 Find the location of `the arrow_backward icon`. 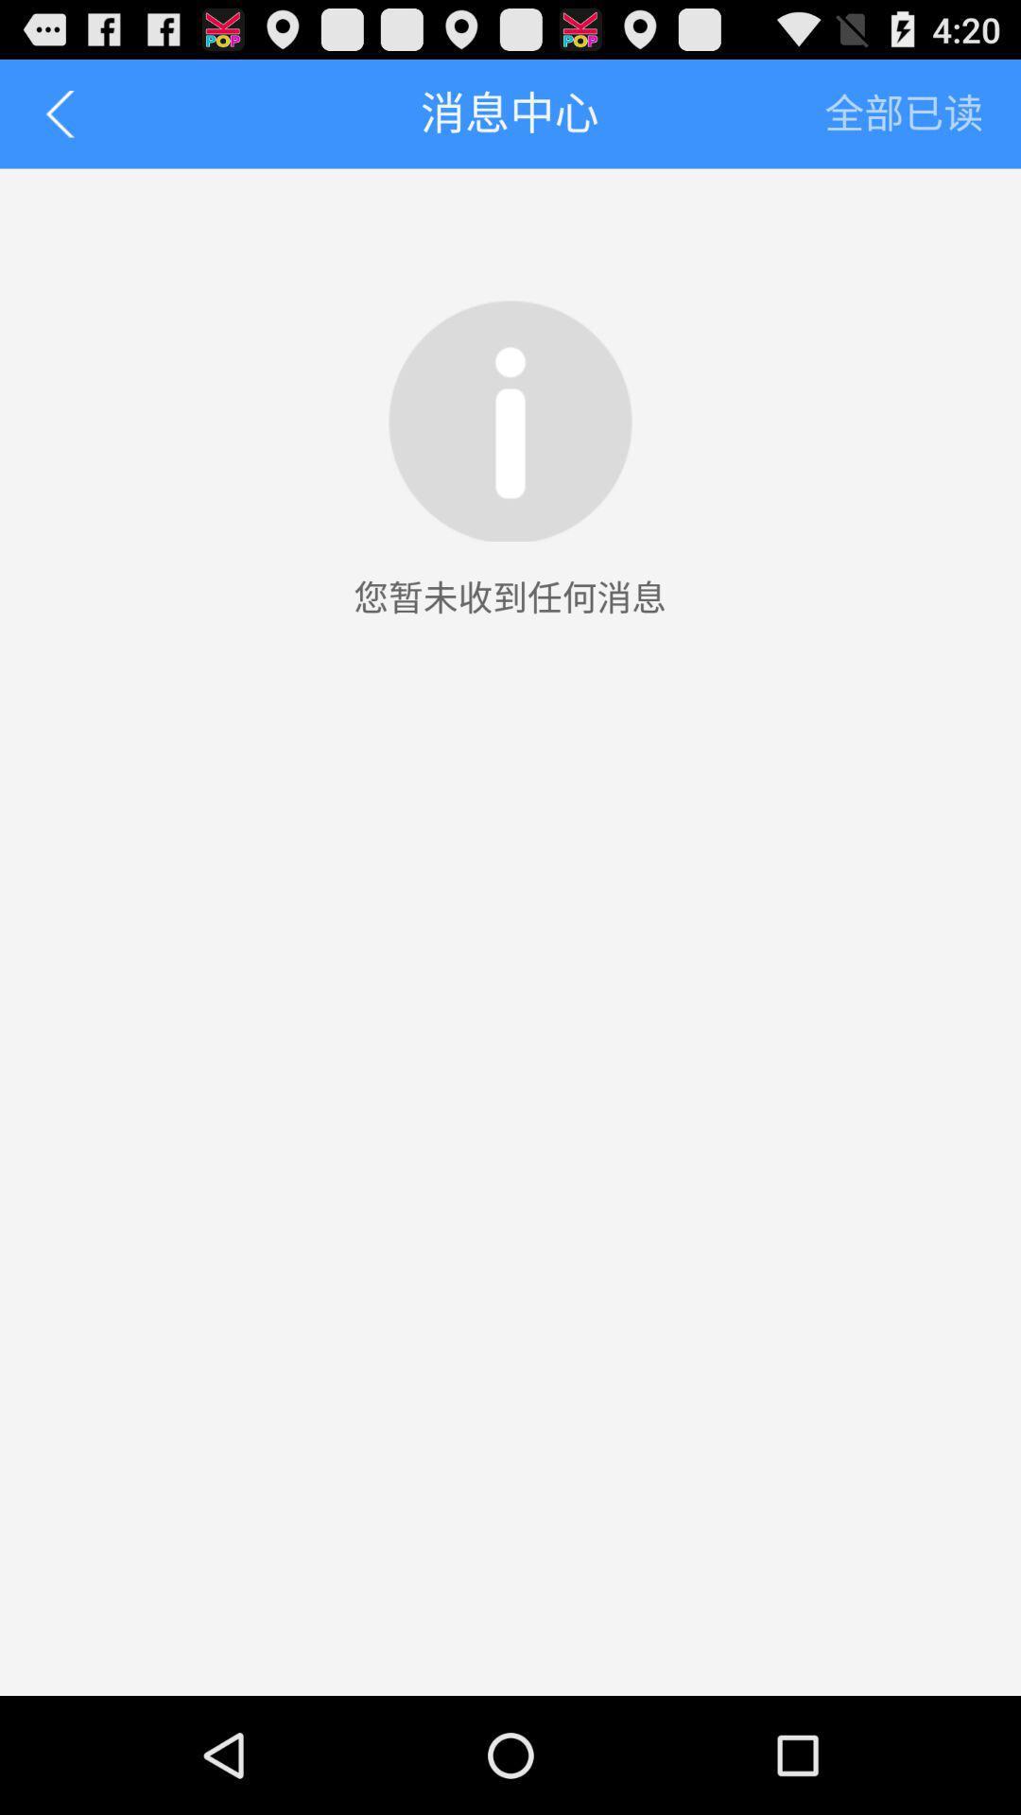

the arrow_backward icon is located at coordinates (60, 121).